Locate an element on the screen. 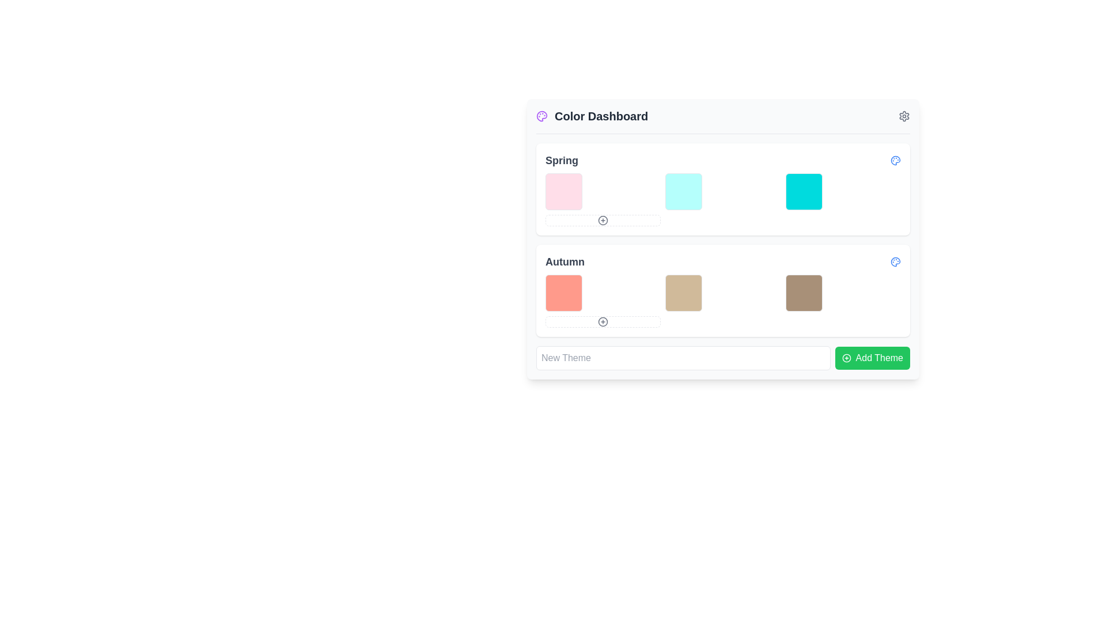  the settings icon located at the top-right corner of the header section containing the 'Color Dashboard' title is located at coordinates (903, 116).